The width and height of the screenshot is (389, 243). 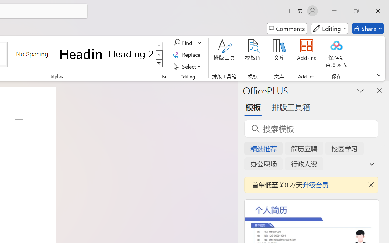 I want to click on 'Styles', so click(x=159, y=64).